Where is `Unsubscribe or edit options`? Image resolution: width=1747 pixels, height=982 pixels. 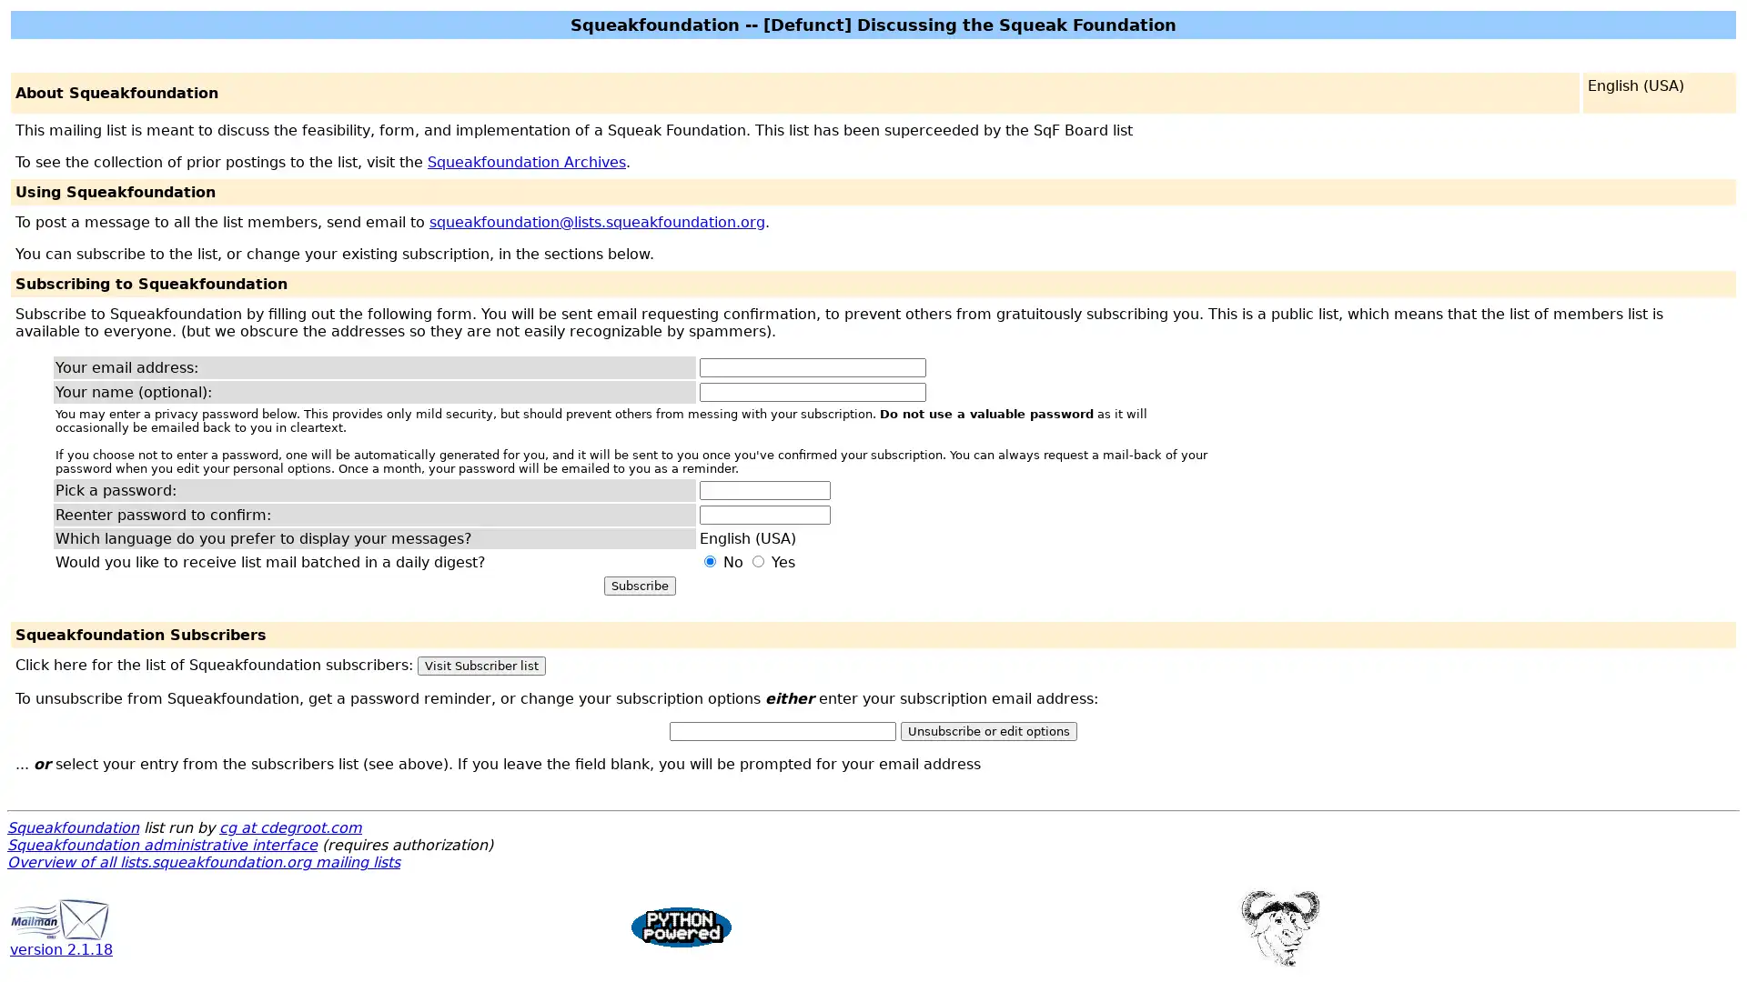 Unsubscribe or edit options is located at coordinates (987, 730).